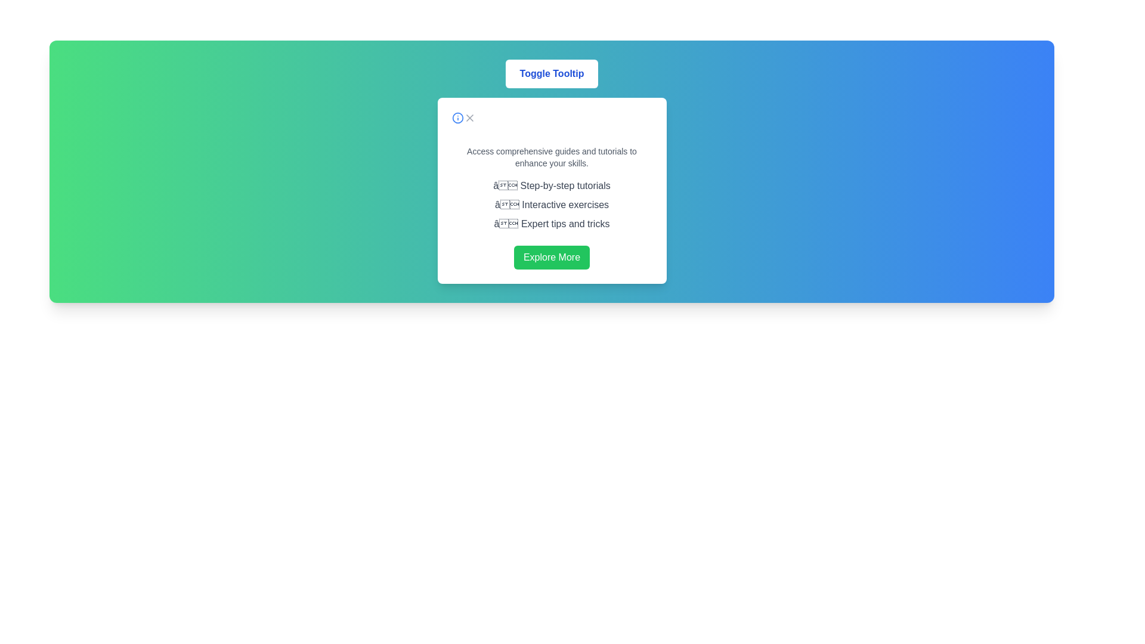  What do you see at coordinates (551, 186) in the screenshot?
I see `the static text element displaying '✔ Step-by-step tutorials' located at the top of a vertically aligned list within the modal popup` at bounding box center [551, 186].